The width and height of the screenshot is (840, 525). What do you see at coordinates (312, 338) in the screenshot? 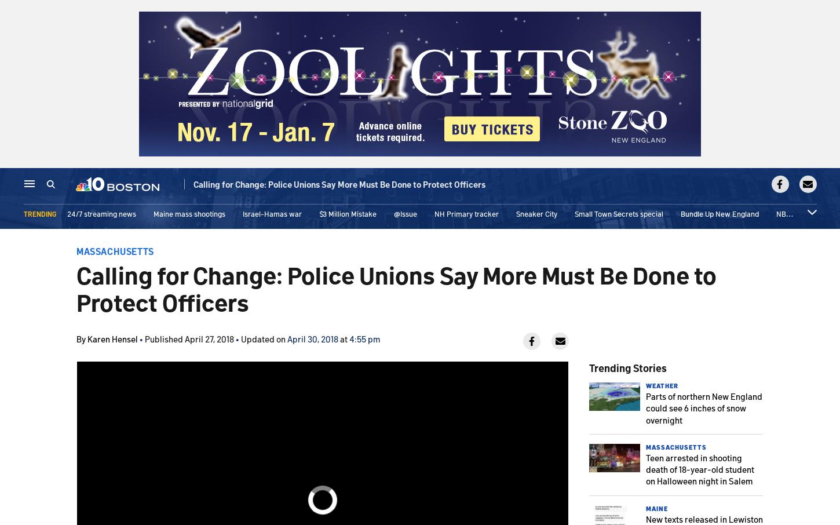
I see `'April 30, 2018'` at bounding box center [312, 338].